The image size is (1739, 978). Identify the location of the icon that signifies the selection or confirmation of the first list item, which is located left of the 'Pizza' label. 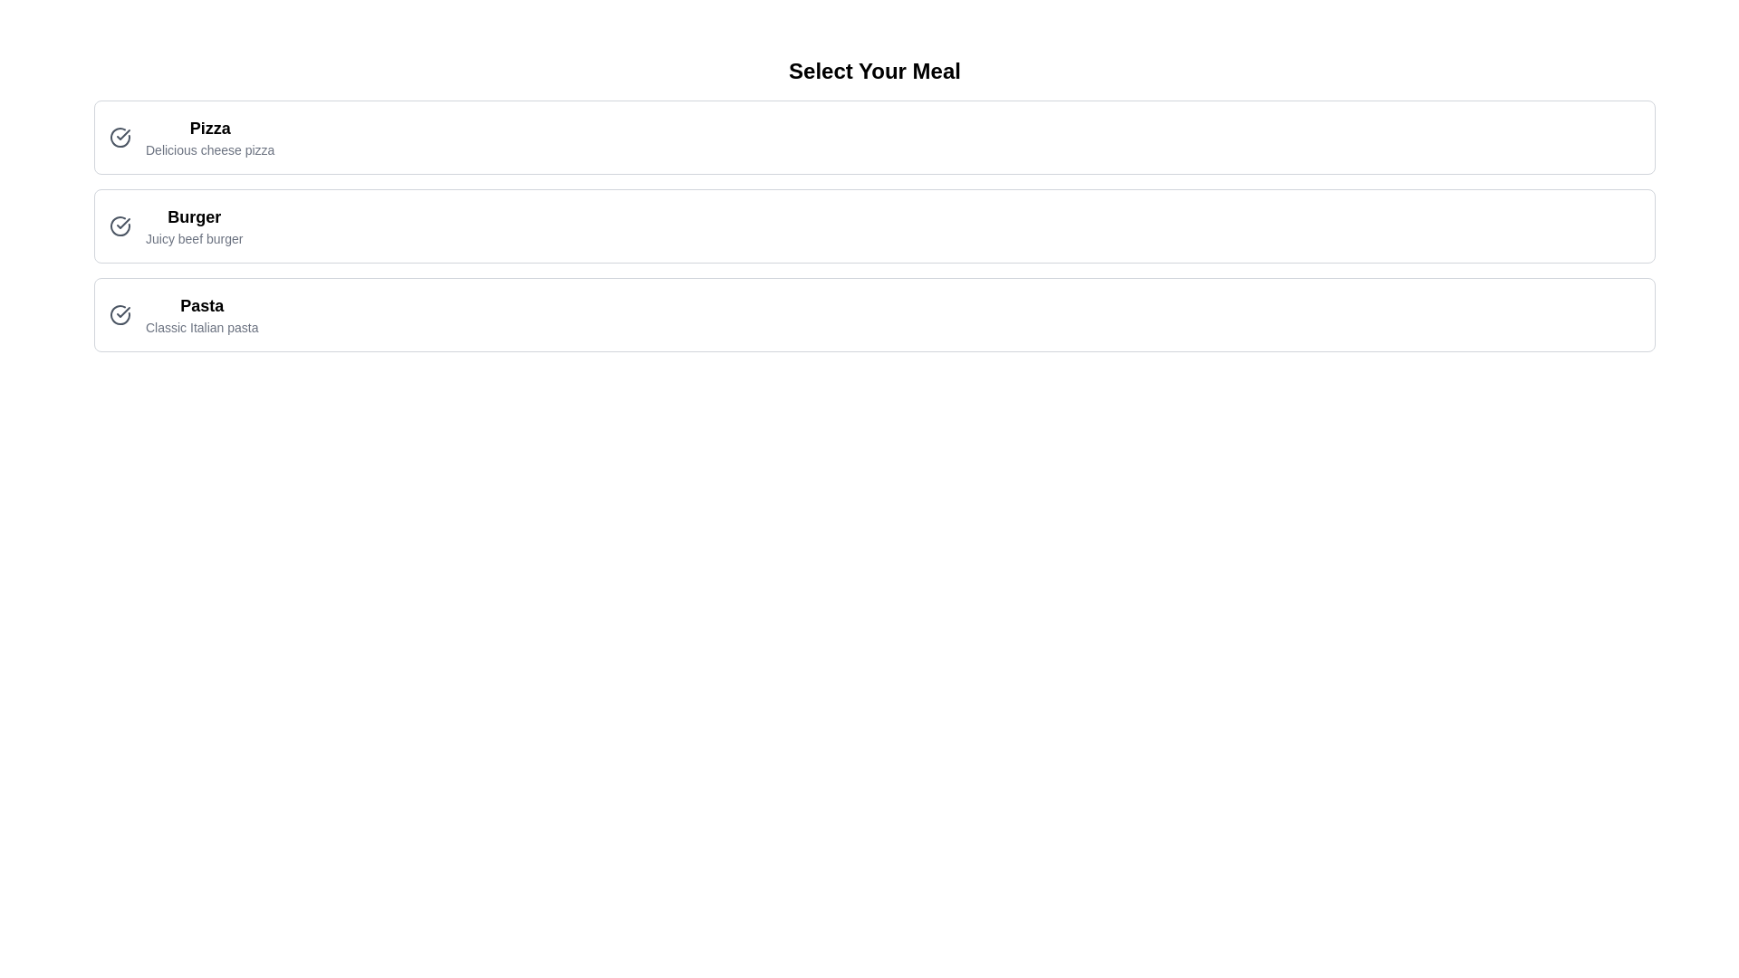
(122, 222).